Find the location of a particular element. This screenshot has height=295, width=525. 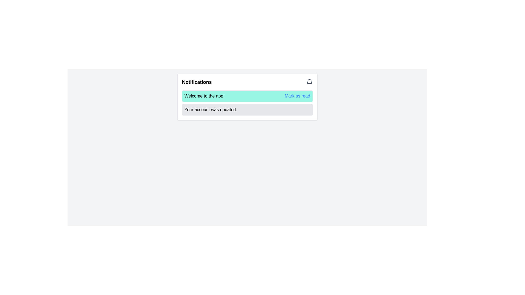

the bell icon located at the top-right corner of the notification section, next to the 'Notifications' text is located at coordinates (309, 82).